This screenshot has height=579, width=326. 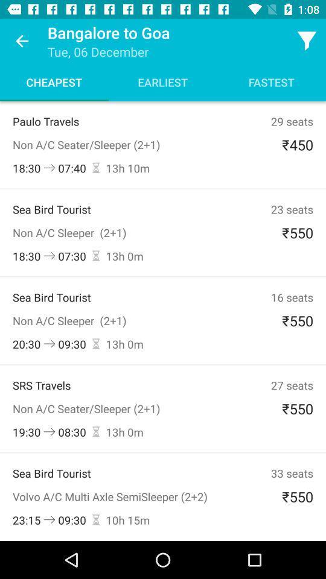 I want to click on the arrow from the second column, so click(x=49, y=256).